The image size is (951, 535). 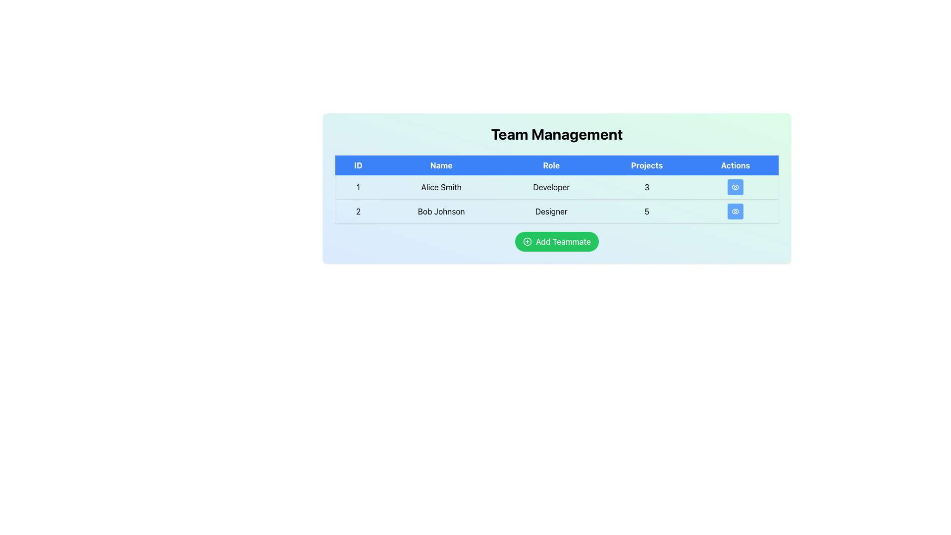 What do you see at coordinates (557, 164) in the screenshot?
I see `the table header cell labeled 'Role' which has a blue background and white font, positioned between 'Name' and 'Projects'` at bounding box center [557, 164].